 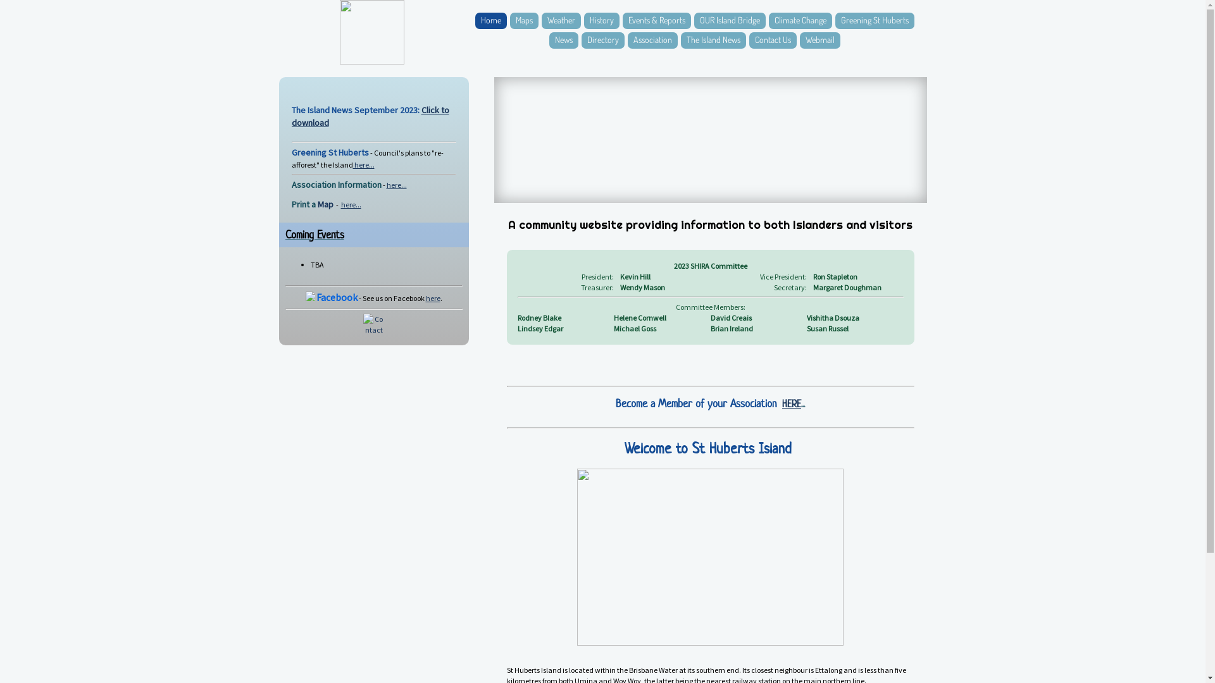 I want to click on 'Maps', so click(x=524, y=21).